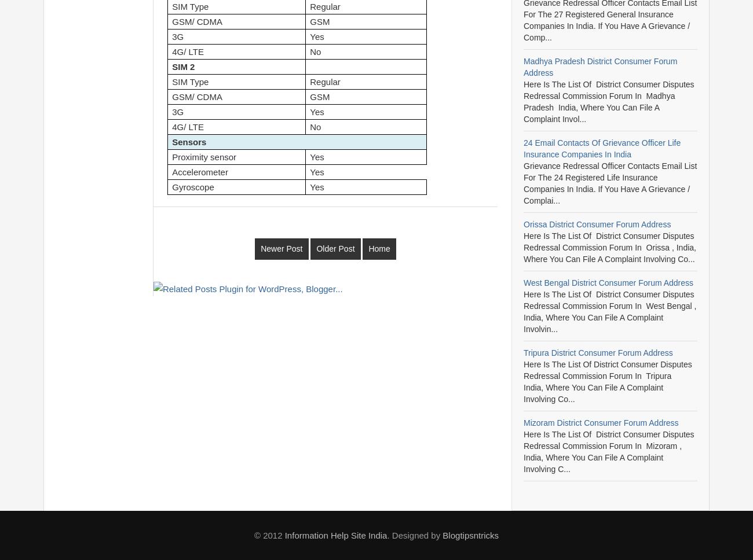  I want to click on 'Grievance Redressal Officer Contacts email list for the 24 Registered Life Insurance Companies in India. If you have a grievance / complai...', so click(610, 183).